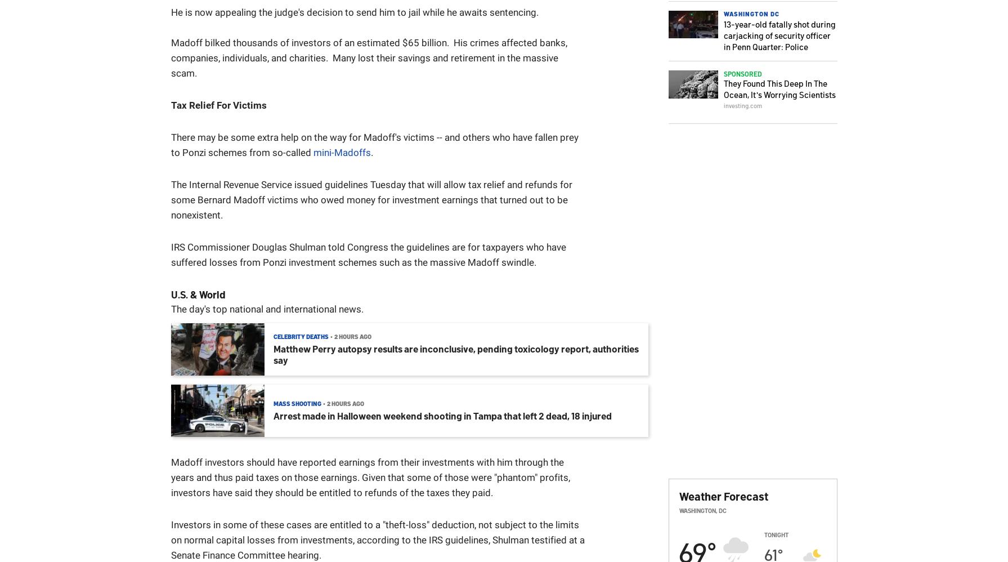  I want to click on 'The Internal Revenue Service issued guidelines Tuesday that will allow tax relief and refunds for some Bernard Madoff victims who owed money for investment earnings that turned out to be nonexistent.', so click(371, 199).